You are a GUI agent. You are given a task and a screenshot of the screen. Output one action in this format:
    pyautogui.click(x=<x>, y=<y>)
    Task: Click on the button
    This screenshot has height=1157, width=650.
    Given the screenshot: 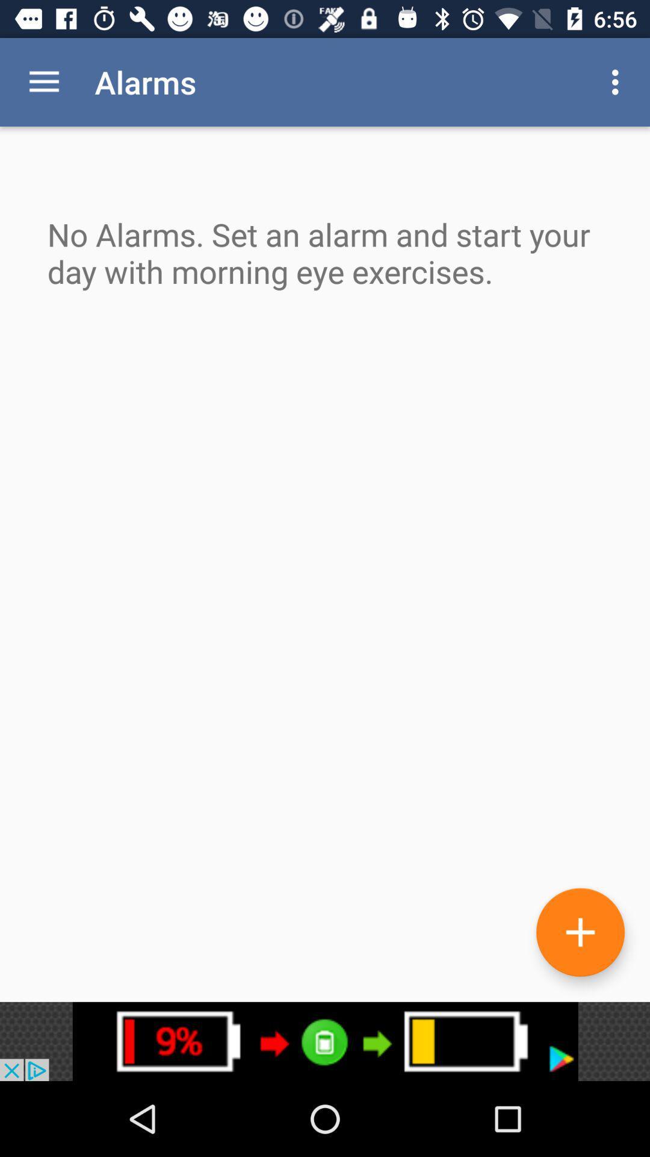 What is the action you would take?
    pyautogui.click(x=580, y=932)
    